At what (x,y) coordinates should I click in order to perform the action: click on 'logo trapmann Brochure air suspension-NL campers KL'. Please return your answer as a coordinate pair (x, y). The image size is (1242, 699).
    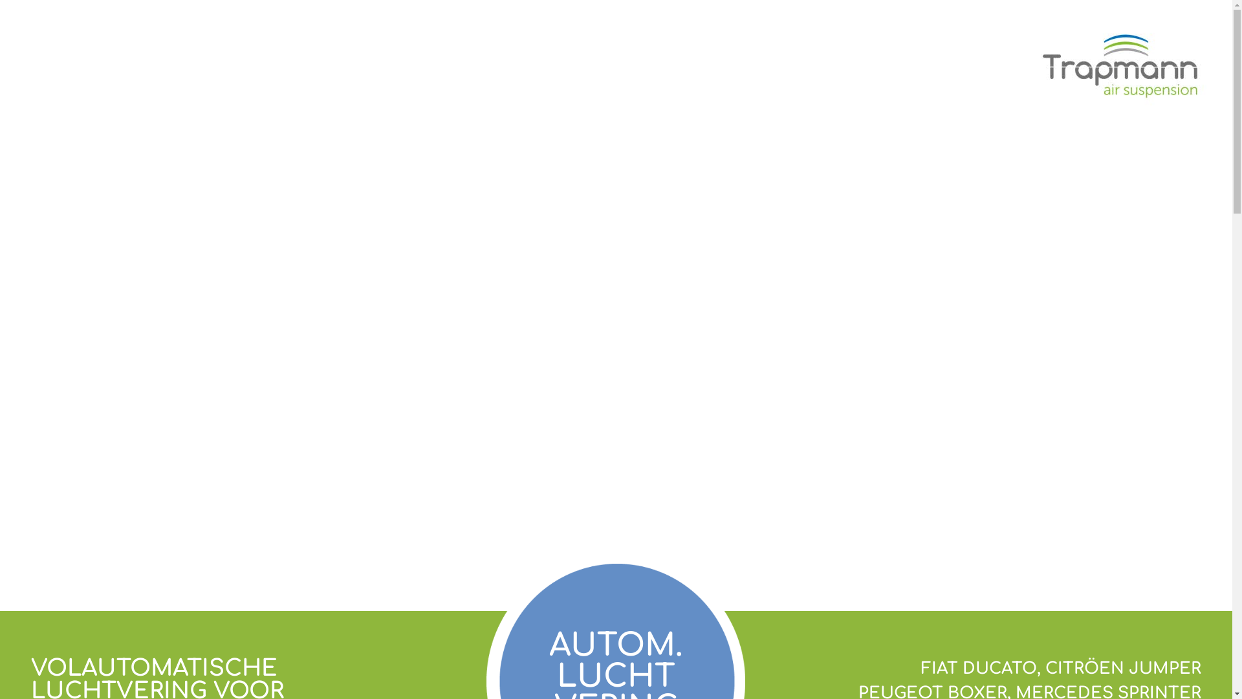
    Looking at the image, I should click on (1126, 65).